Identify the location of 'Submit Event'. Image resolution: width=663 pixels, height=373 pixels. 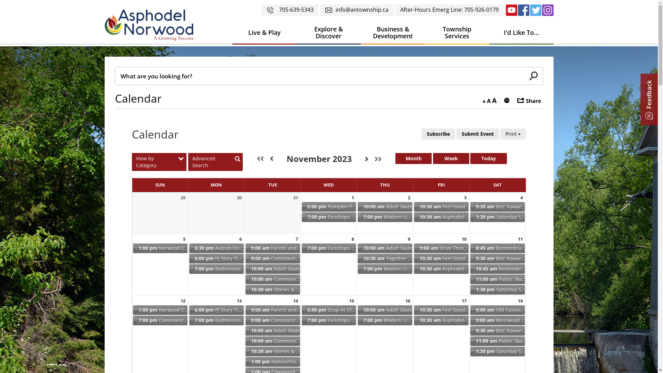
(477, 134).